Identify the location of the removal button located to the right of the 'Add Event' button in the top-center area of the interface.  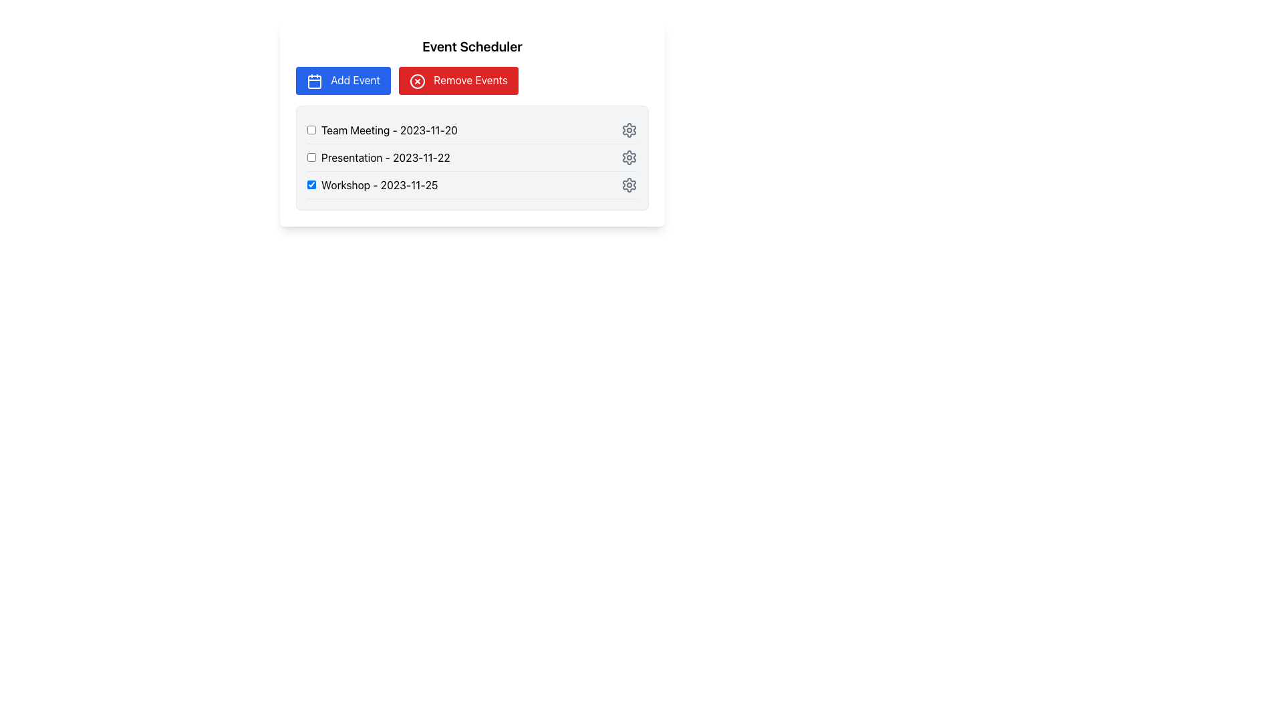
(458, 80).